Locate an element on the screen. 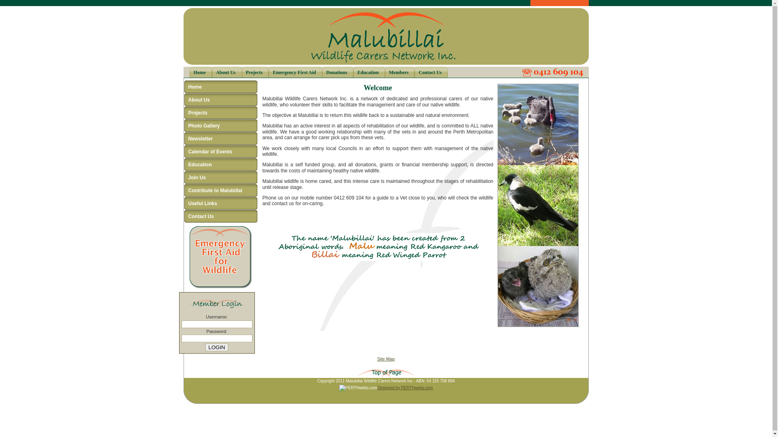 Image resolution: width=778 pixels, height=437 pixels. 'Projects' is located at coordinates (255, 72).